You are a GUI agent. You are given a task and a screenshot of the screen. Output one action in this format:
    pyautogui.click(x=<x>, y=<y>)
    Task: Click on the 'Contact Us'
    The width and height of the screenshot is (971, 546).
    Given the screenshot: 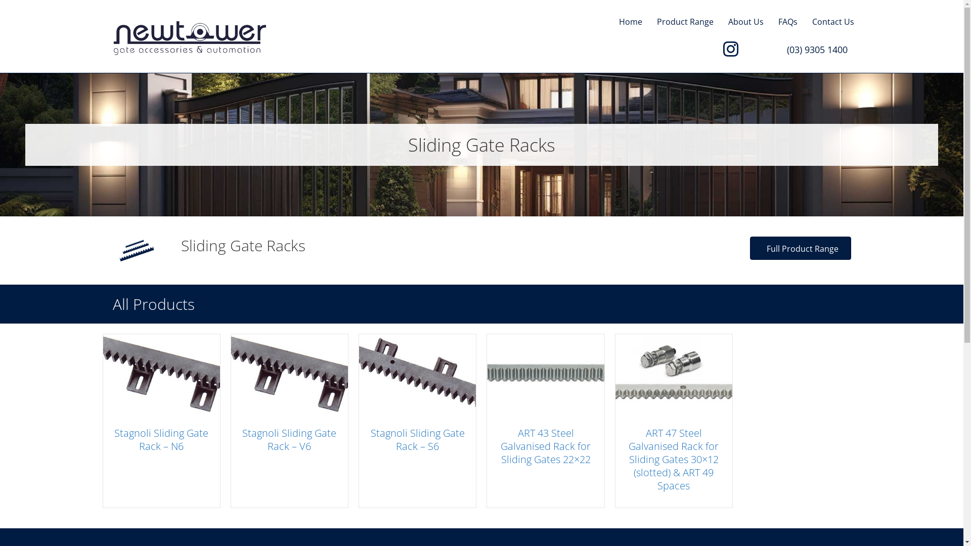 What is the action you would take?
    pyautogui.click(x=833, y=22)
    